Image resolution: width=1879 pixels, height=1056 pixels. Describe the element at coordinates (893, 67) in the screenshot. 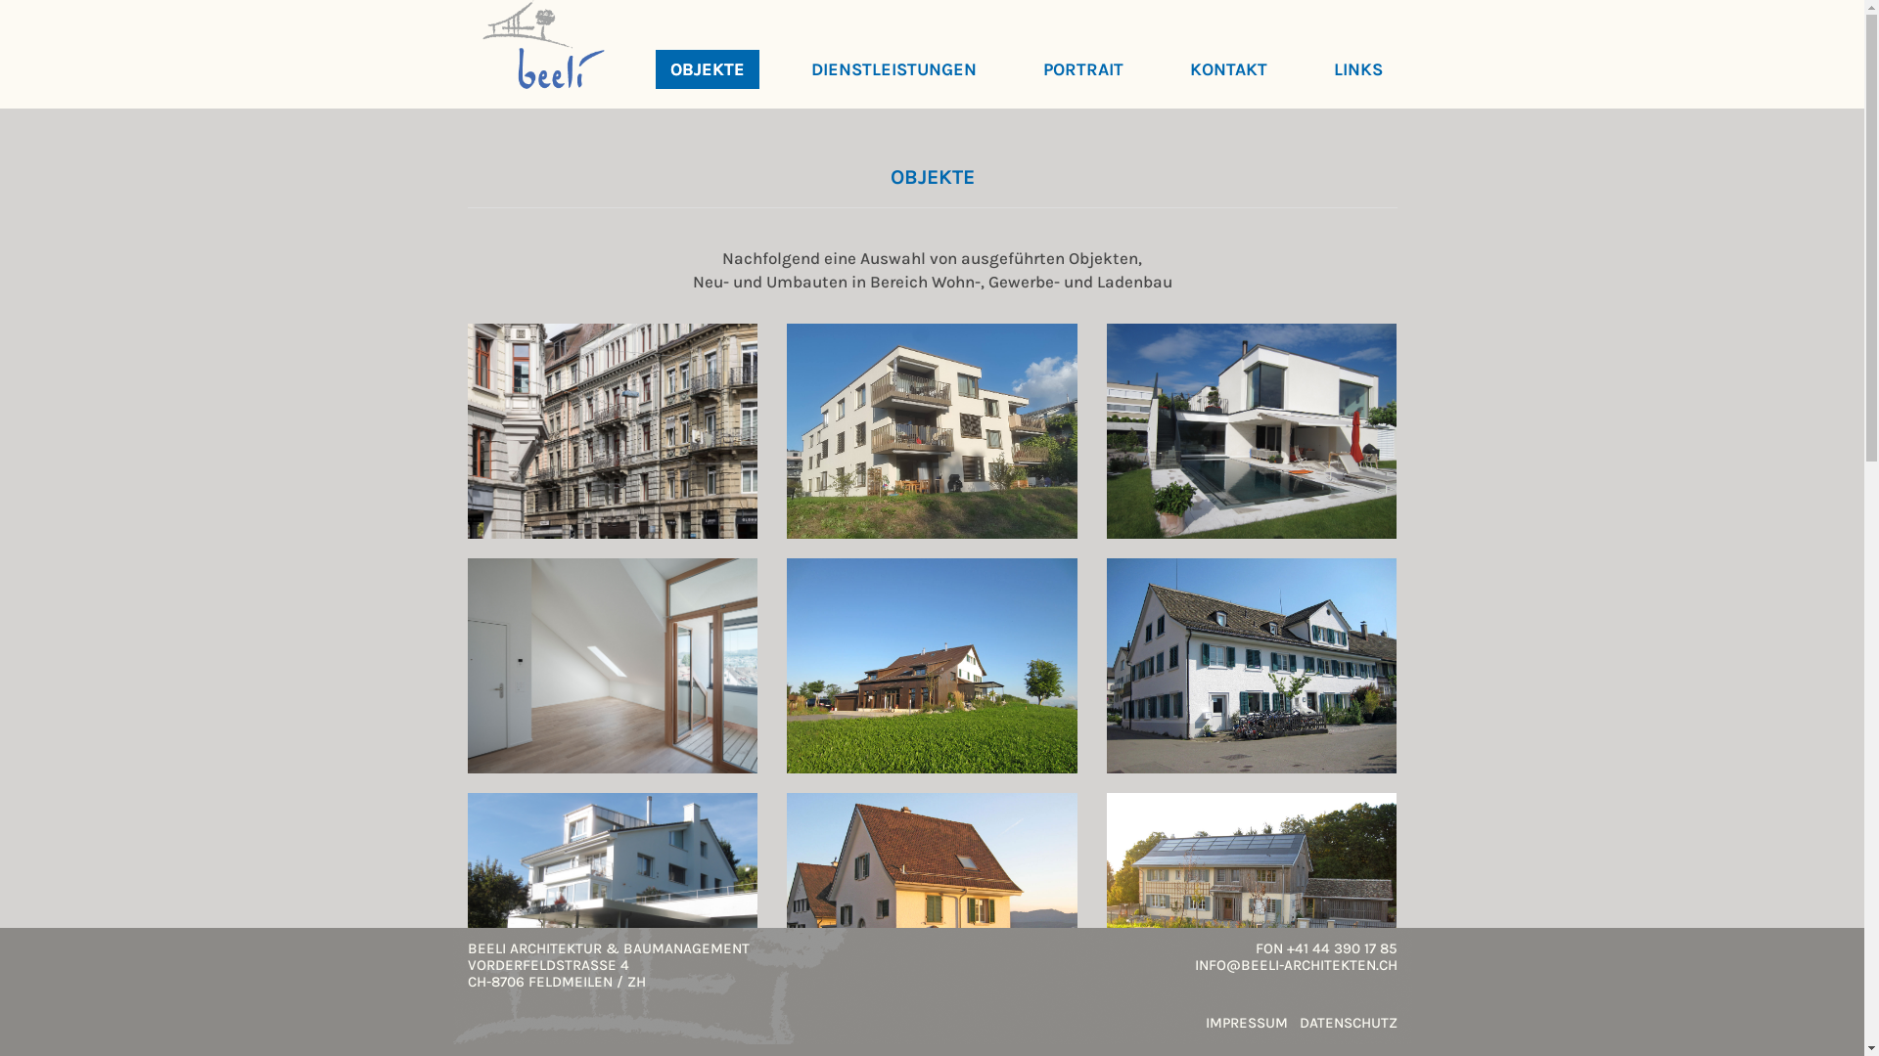

I see `'DIENSTLEISTUNGEN'` at that location.